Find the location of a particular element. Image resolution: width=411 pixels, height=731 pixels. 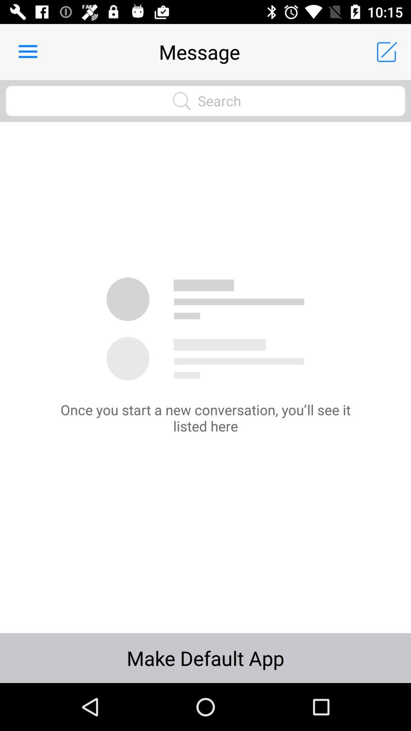

the icon next to message app is located at coordinates (27, 51).